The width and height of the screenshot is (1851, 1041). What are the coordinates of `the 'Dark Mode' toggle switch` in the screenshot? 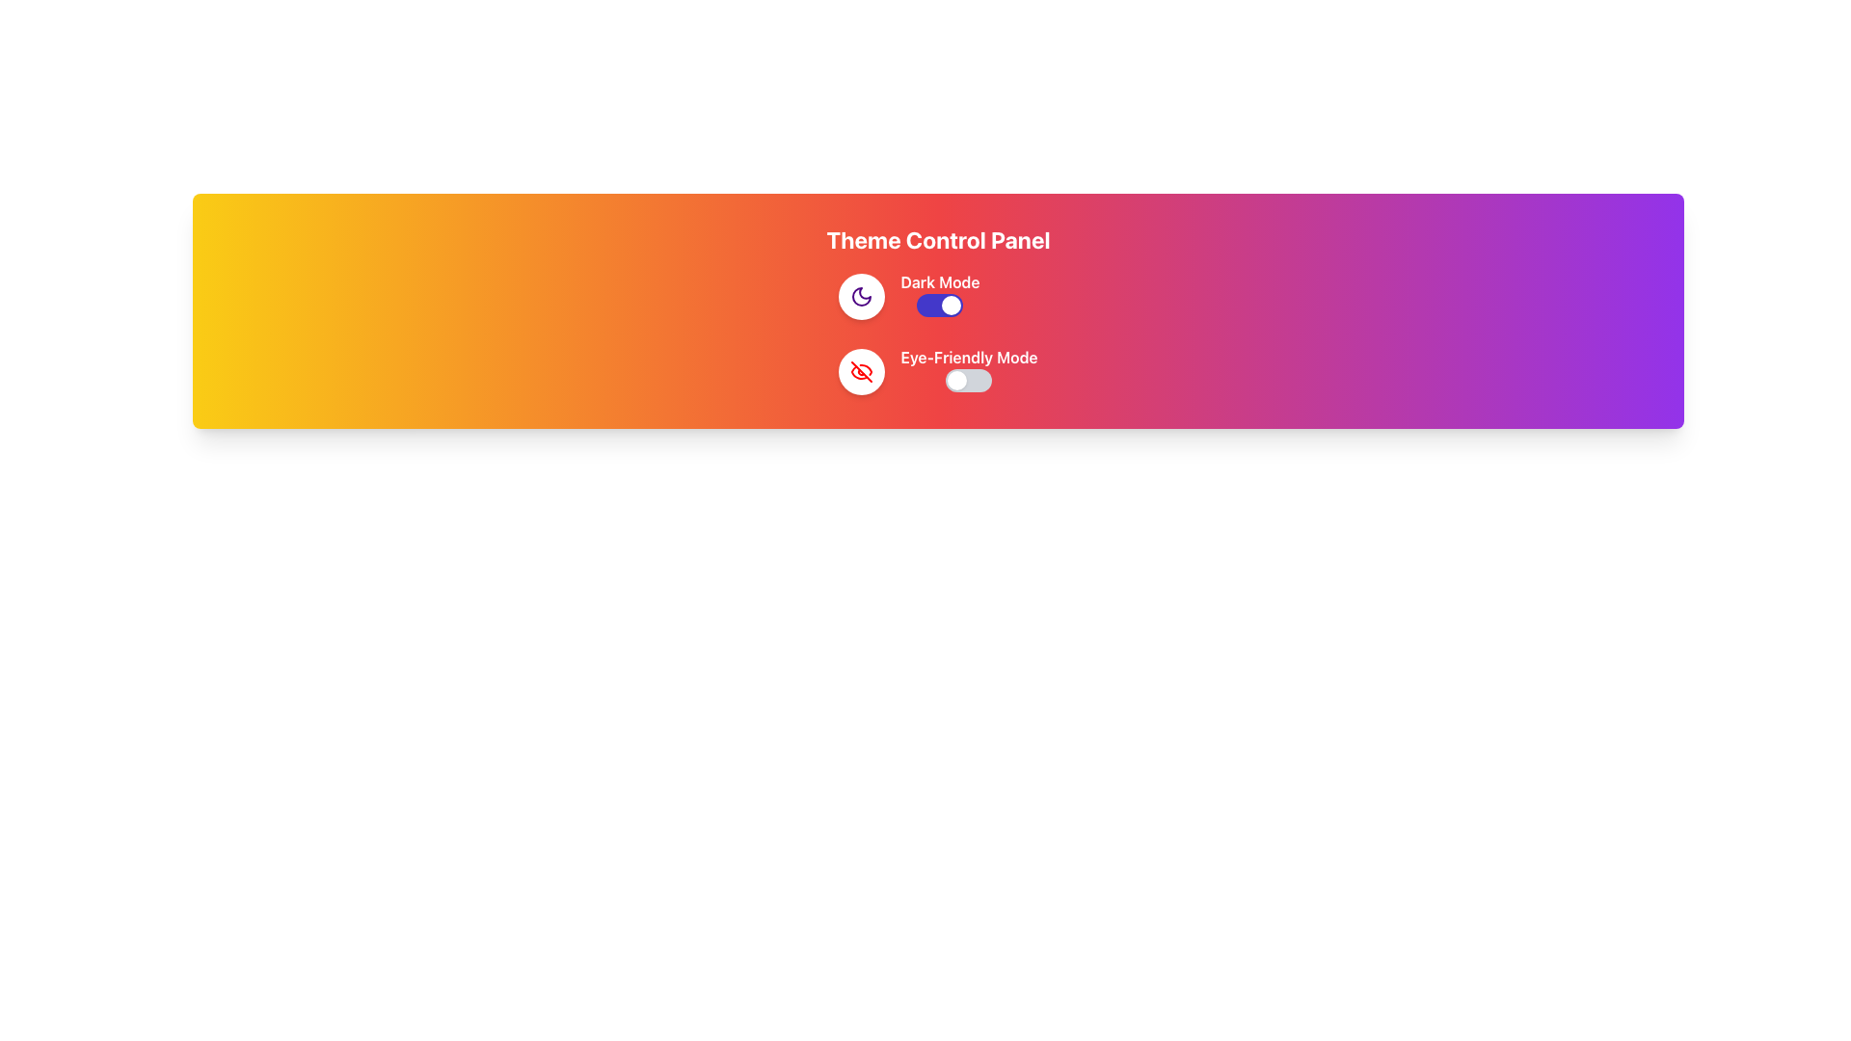 It's located at (940, 297).